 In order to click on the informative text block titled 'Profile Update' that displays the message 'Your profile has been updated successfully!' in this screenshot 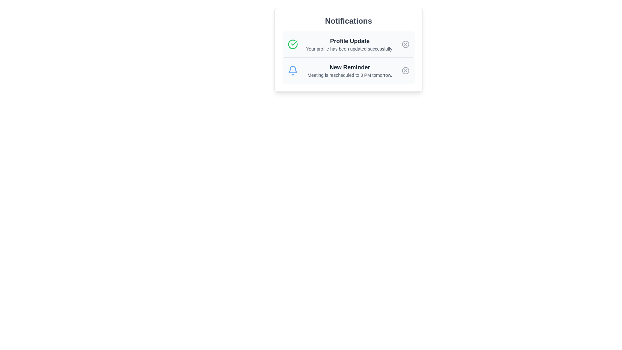, I will do `click(350, 44)`.